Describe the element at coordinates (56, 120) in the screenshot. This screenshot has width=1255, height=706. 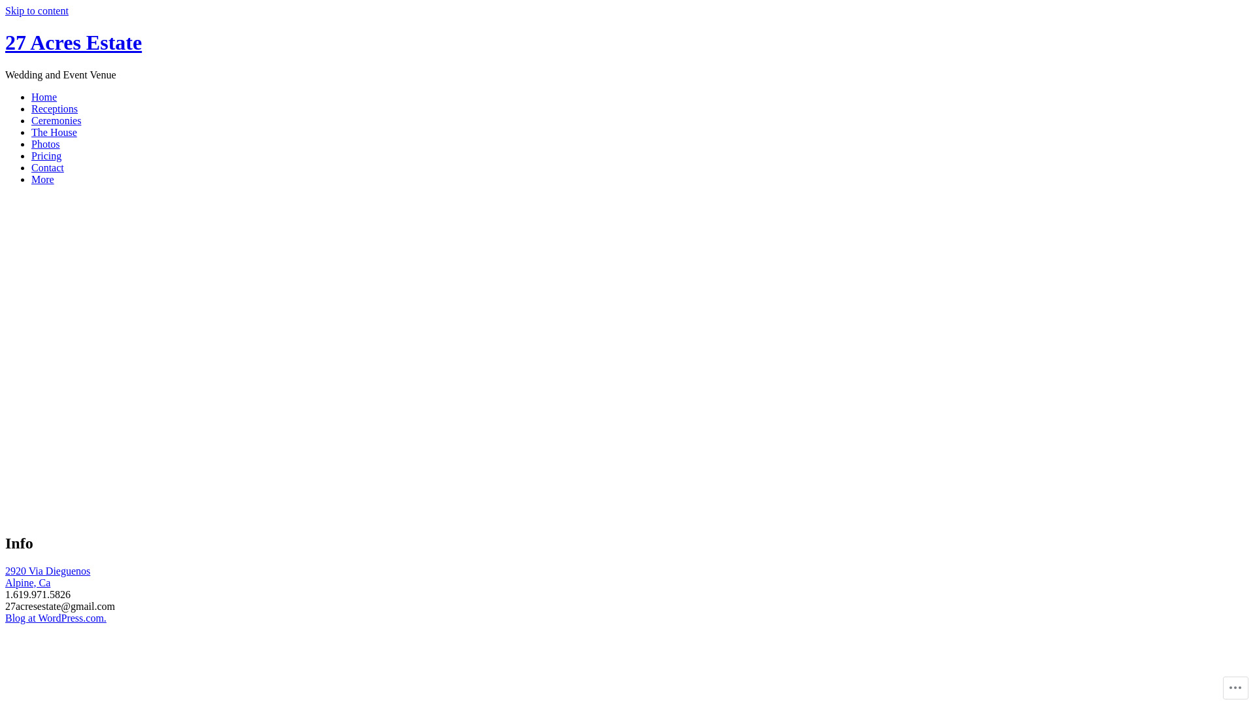
I see `'Ceremonies'` at that location.